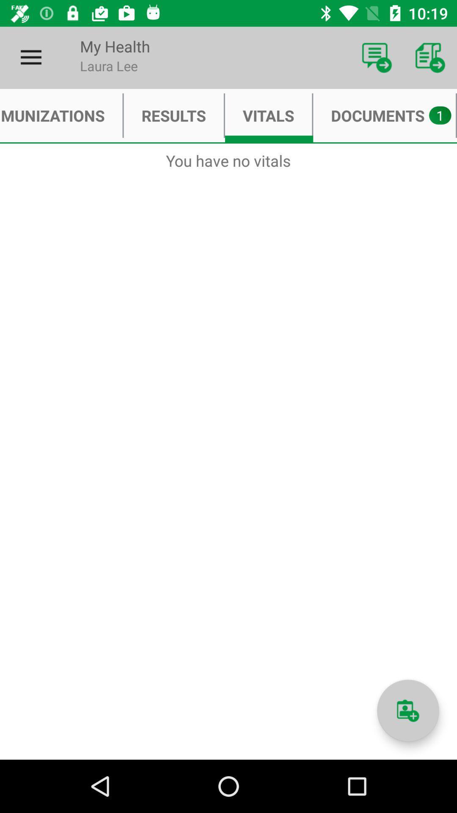  What do you see at coordinates (430, 57) in the screenshot?
I see `the item above the documents` at bounding box center [430, 57].